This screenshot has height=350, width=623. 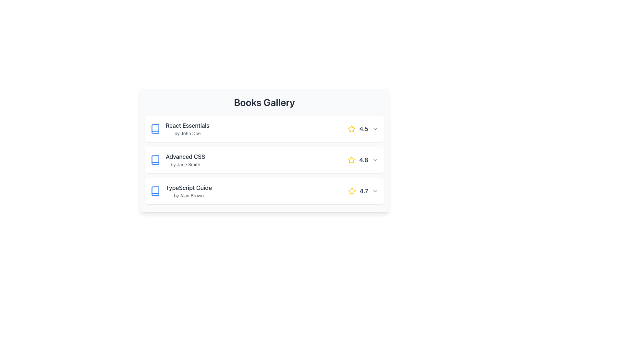 I want to click on the dropdown arrow of the Rating display for the book 'React Essentials' by 'John Doe' to see options, so click(x=363, y=129).